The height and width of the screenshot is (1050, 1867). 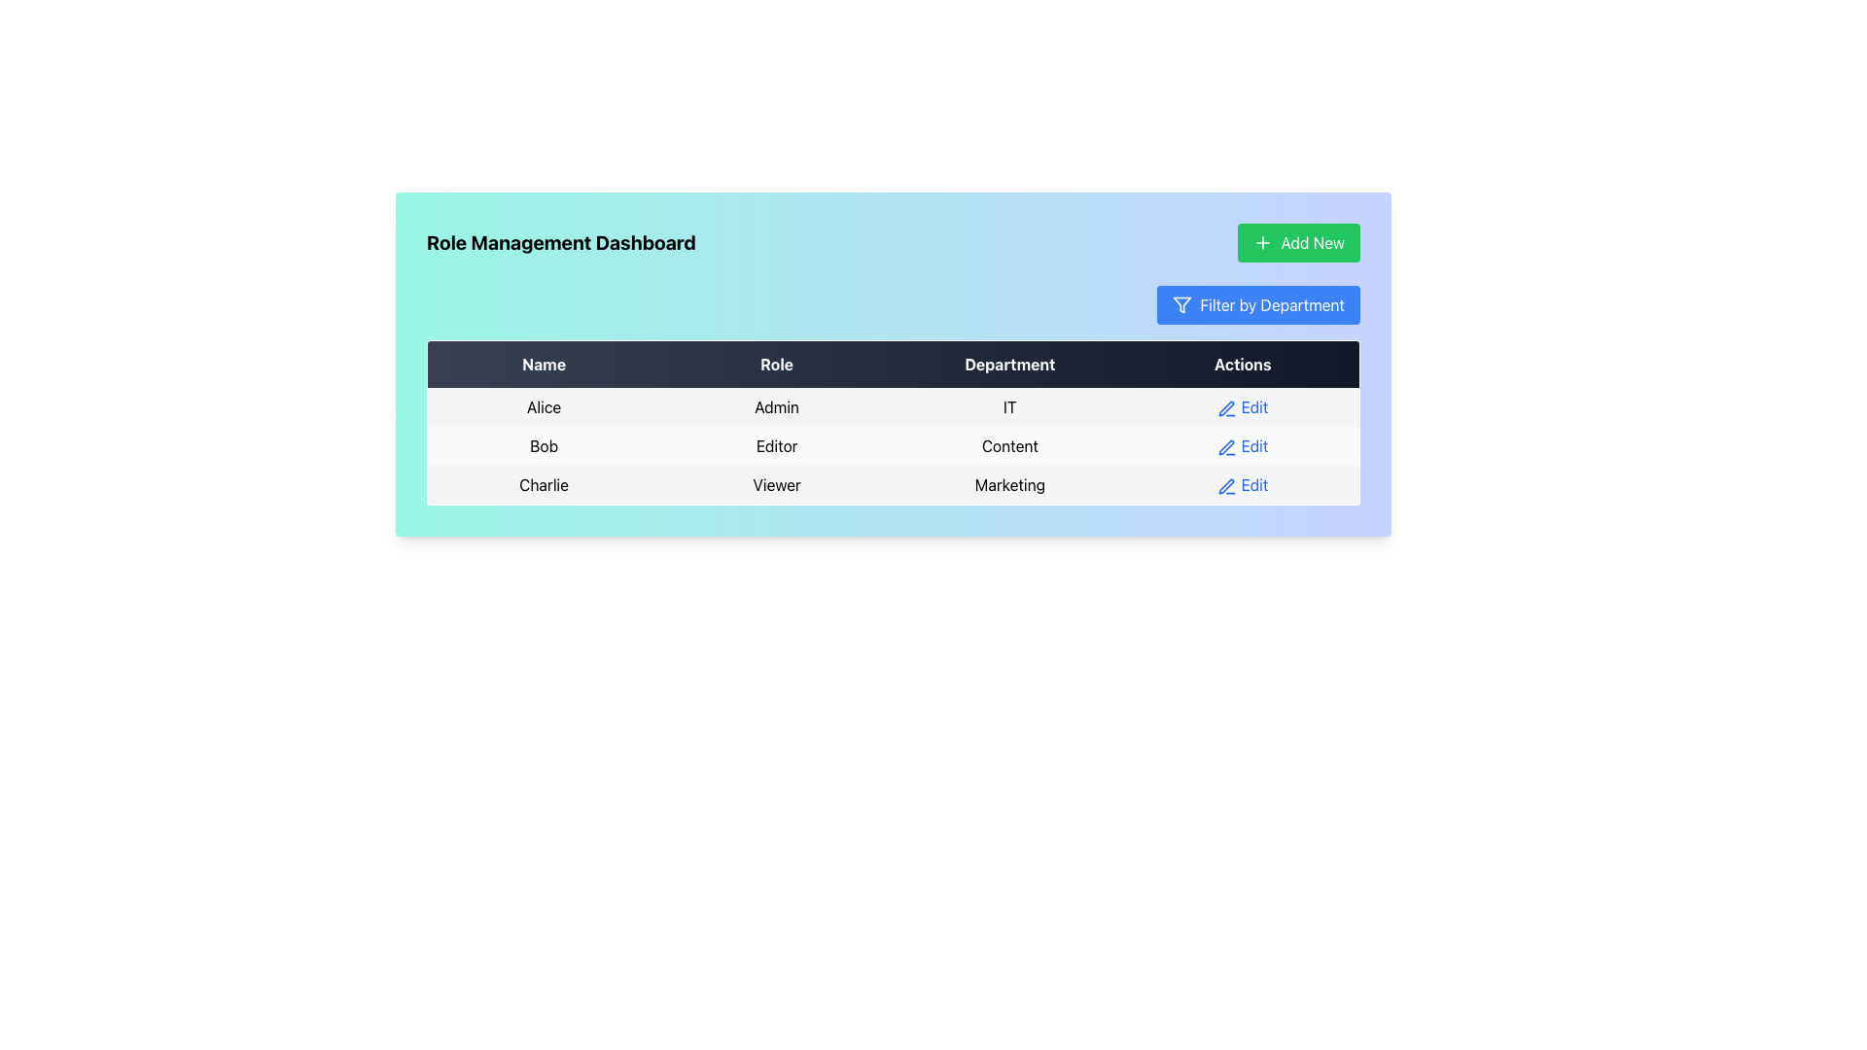 What do you see at coordinates (1009, 446) in the screenshot?
I see `text 'Content' displayed in black under the 'Department' heading in the table corresponding to user 'Bob'` at bounding box center [1009, 446].